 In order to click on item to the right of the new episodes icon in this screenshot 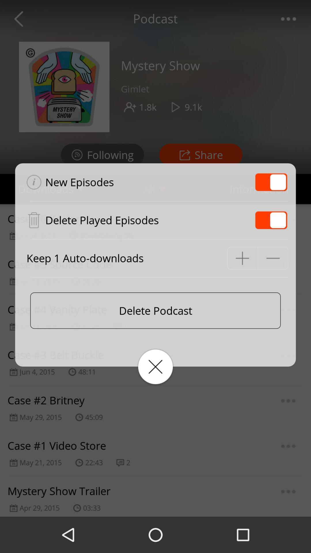, I will do `click(271, 182)`.